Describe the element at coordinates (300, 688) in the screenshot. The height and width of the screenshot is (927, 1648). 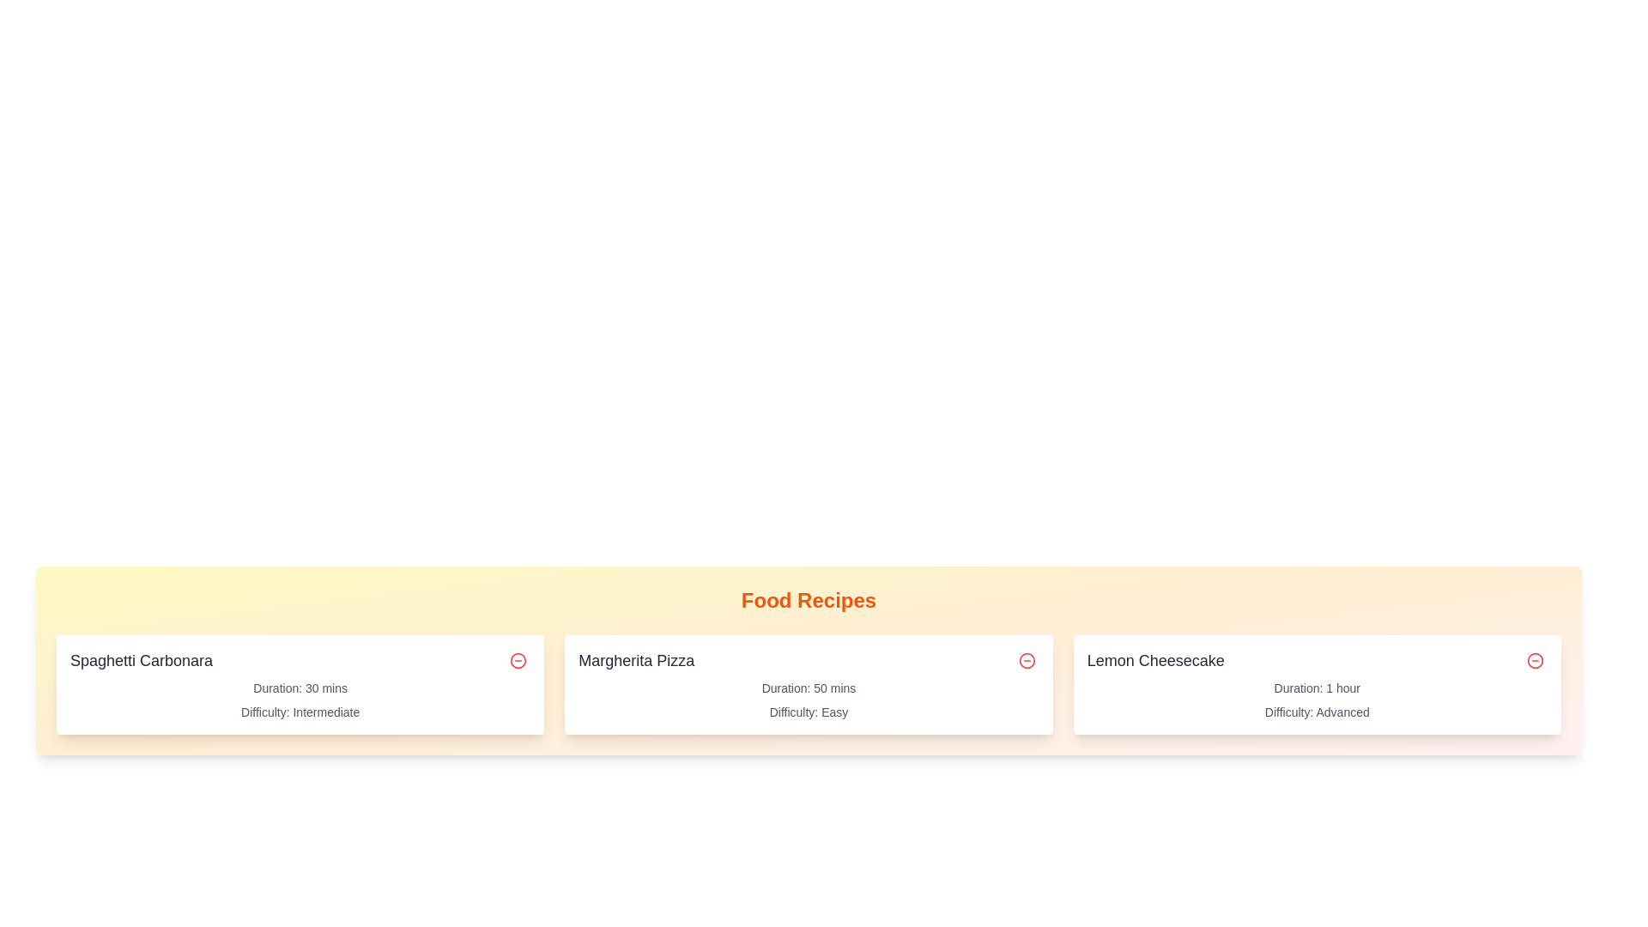
I see `the text label displaying 'Duration: 30 mins' located within the 'Spaghetti Carbonara' recipe card, positioned above the 'Difficulty: Intermediate' label and below the recipe title` at that location.